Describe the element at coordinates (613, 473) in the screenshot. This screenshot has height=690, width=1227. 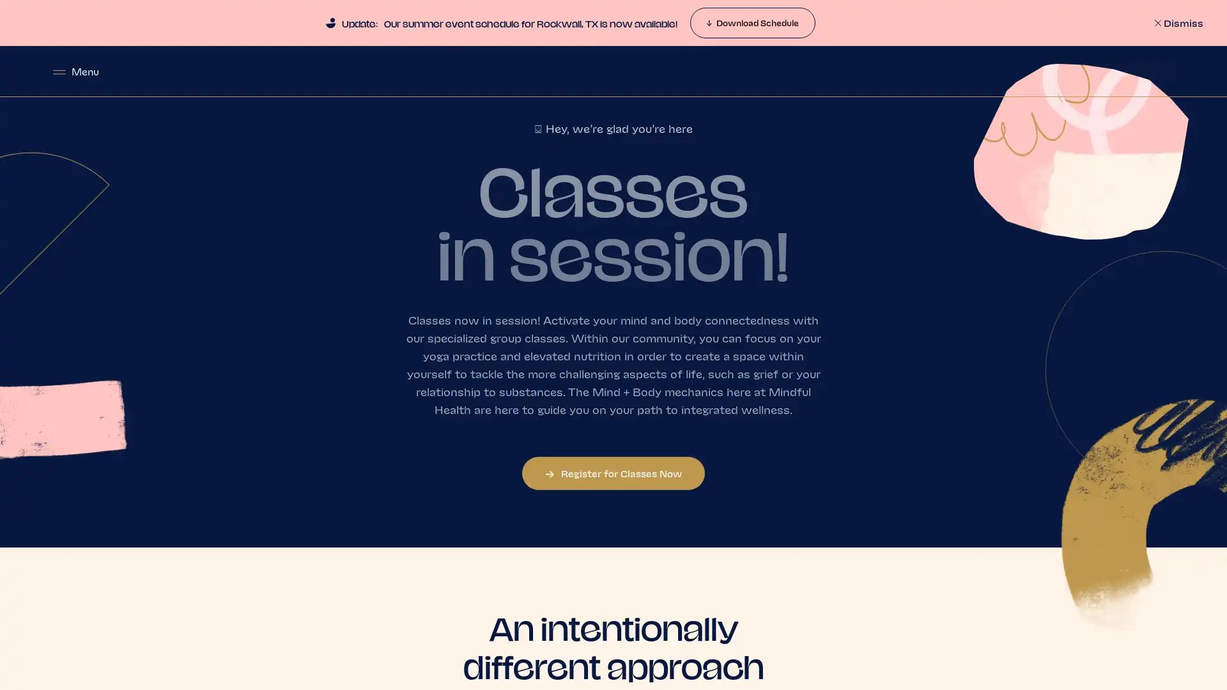
I see `me Register for Classes Now` at that location.